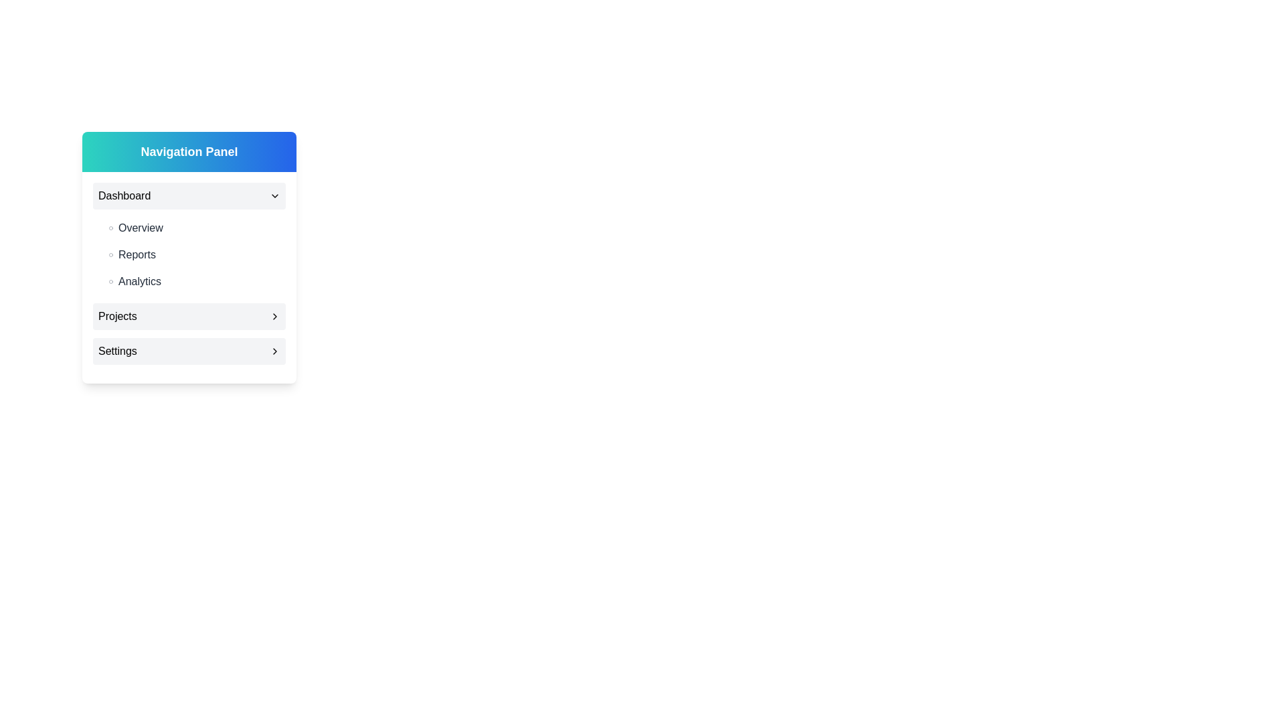  What do you see at coordinates (117, 317) in the screenshot?
I see `on the 'Projects' text label in the navigation panel` at bounding box center [117, 317].